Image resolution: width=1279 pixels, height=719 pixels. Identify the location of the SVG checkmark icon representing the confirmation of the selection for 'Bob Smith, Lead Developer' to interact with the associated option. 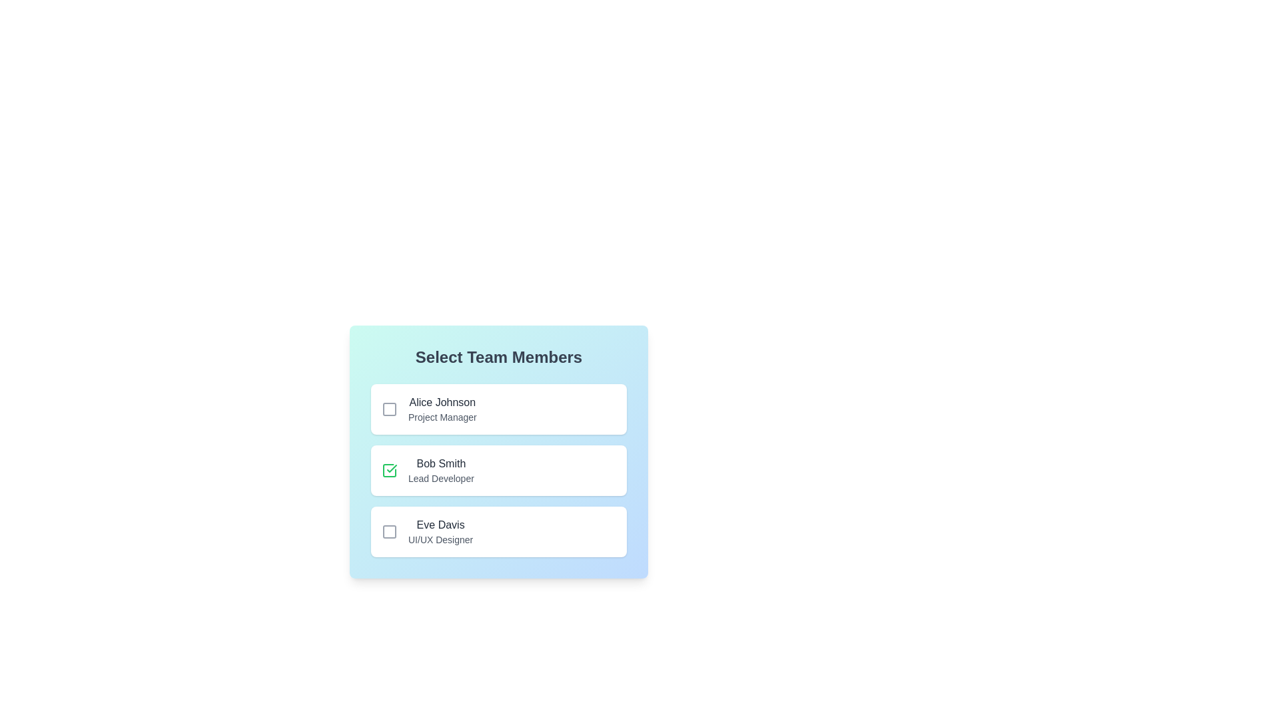
(391, 468).